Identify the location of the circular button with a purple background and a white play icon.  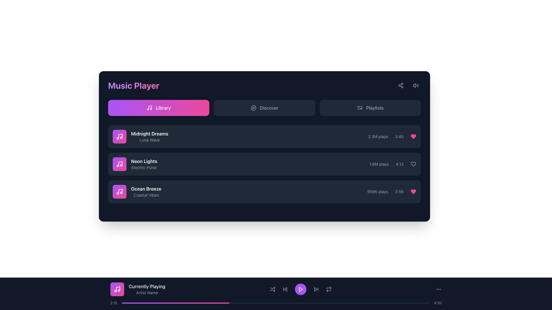
(300, 289).